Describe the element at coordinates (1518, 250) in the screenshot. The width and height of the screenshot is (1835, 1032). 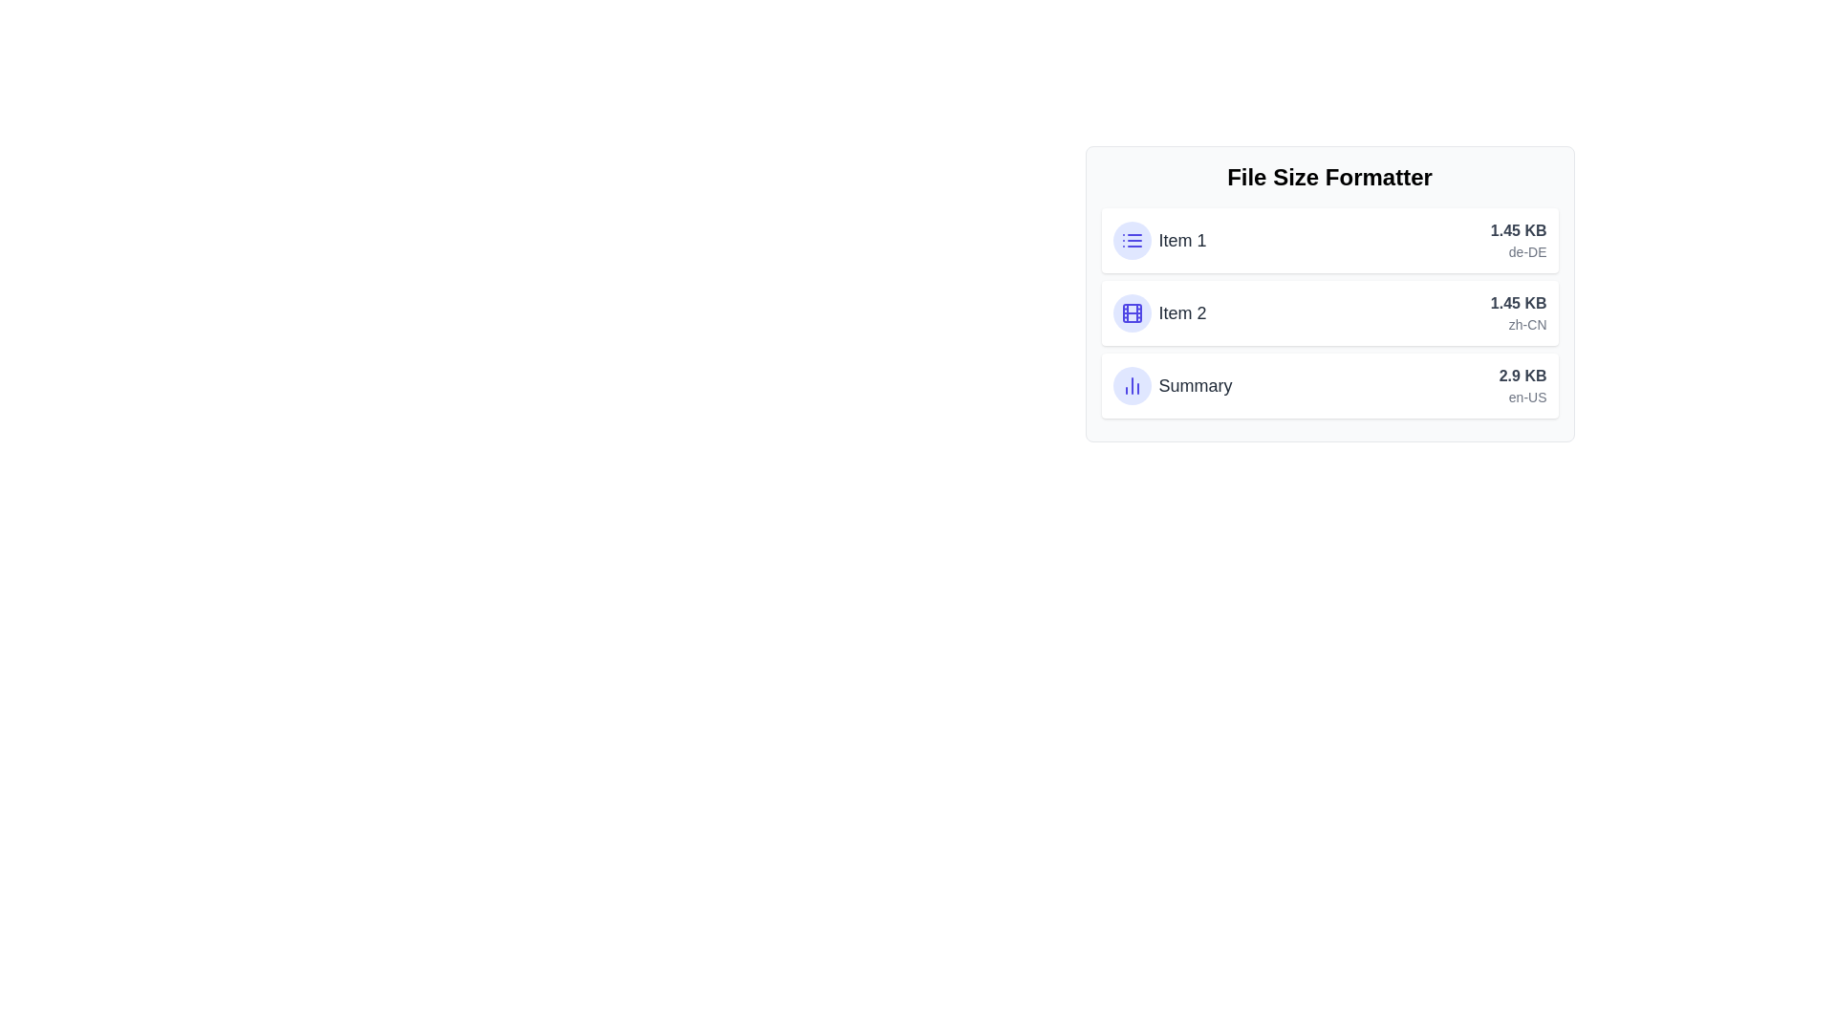
I see `information displayed in the text label showing 'de-DE' in light gray color, located in the third column of the 'File Size Formatter' table under the 'Item 1' row` at that location.